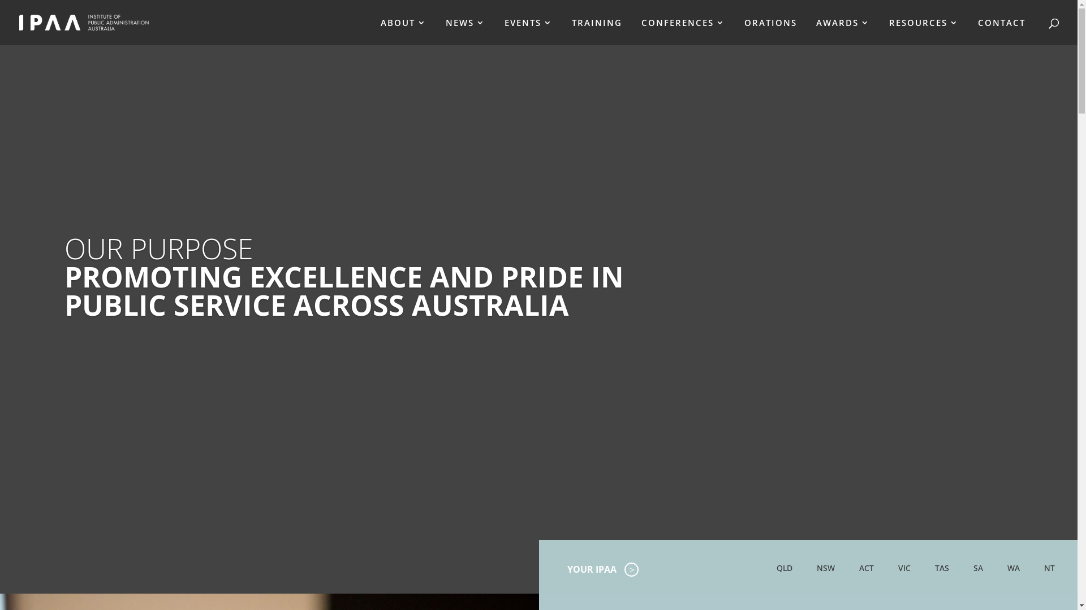 The image size is (1086, 610). What do you see at coordinates (784, 568) in the screenshot?
I see `'QLD'` at bounding box center [784, 568].